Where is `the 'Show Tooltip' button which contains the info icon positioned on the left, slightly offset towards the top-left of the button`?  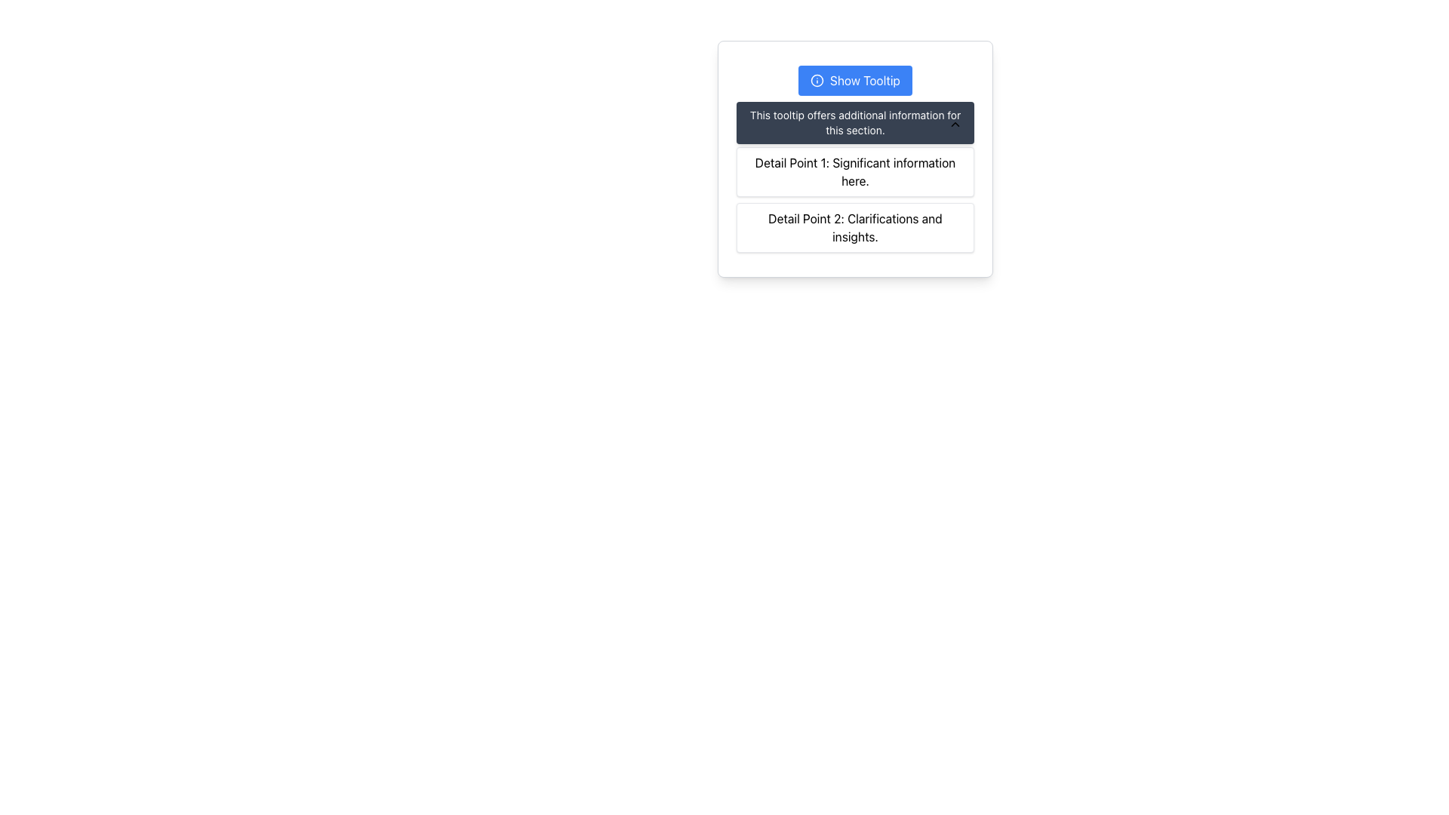
the 'Show Tooltip' button which contains the info icon positioned on the left, slightly offset towards the top-left of the button is located at coordinates (817, 81).